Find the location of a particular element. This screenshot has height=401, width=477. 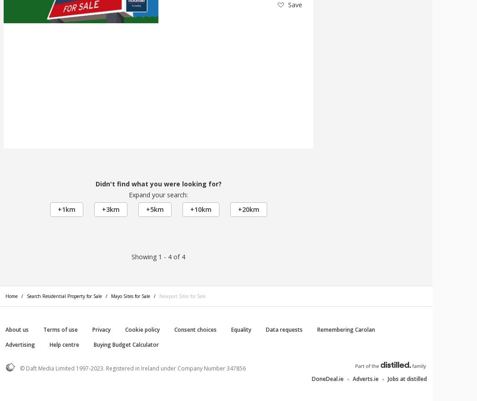

'+5km' is located at coordinates (145, 209).